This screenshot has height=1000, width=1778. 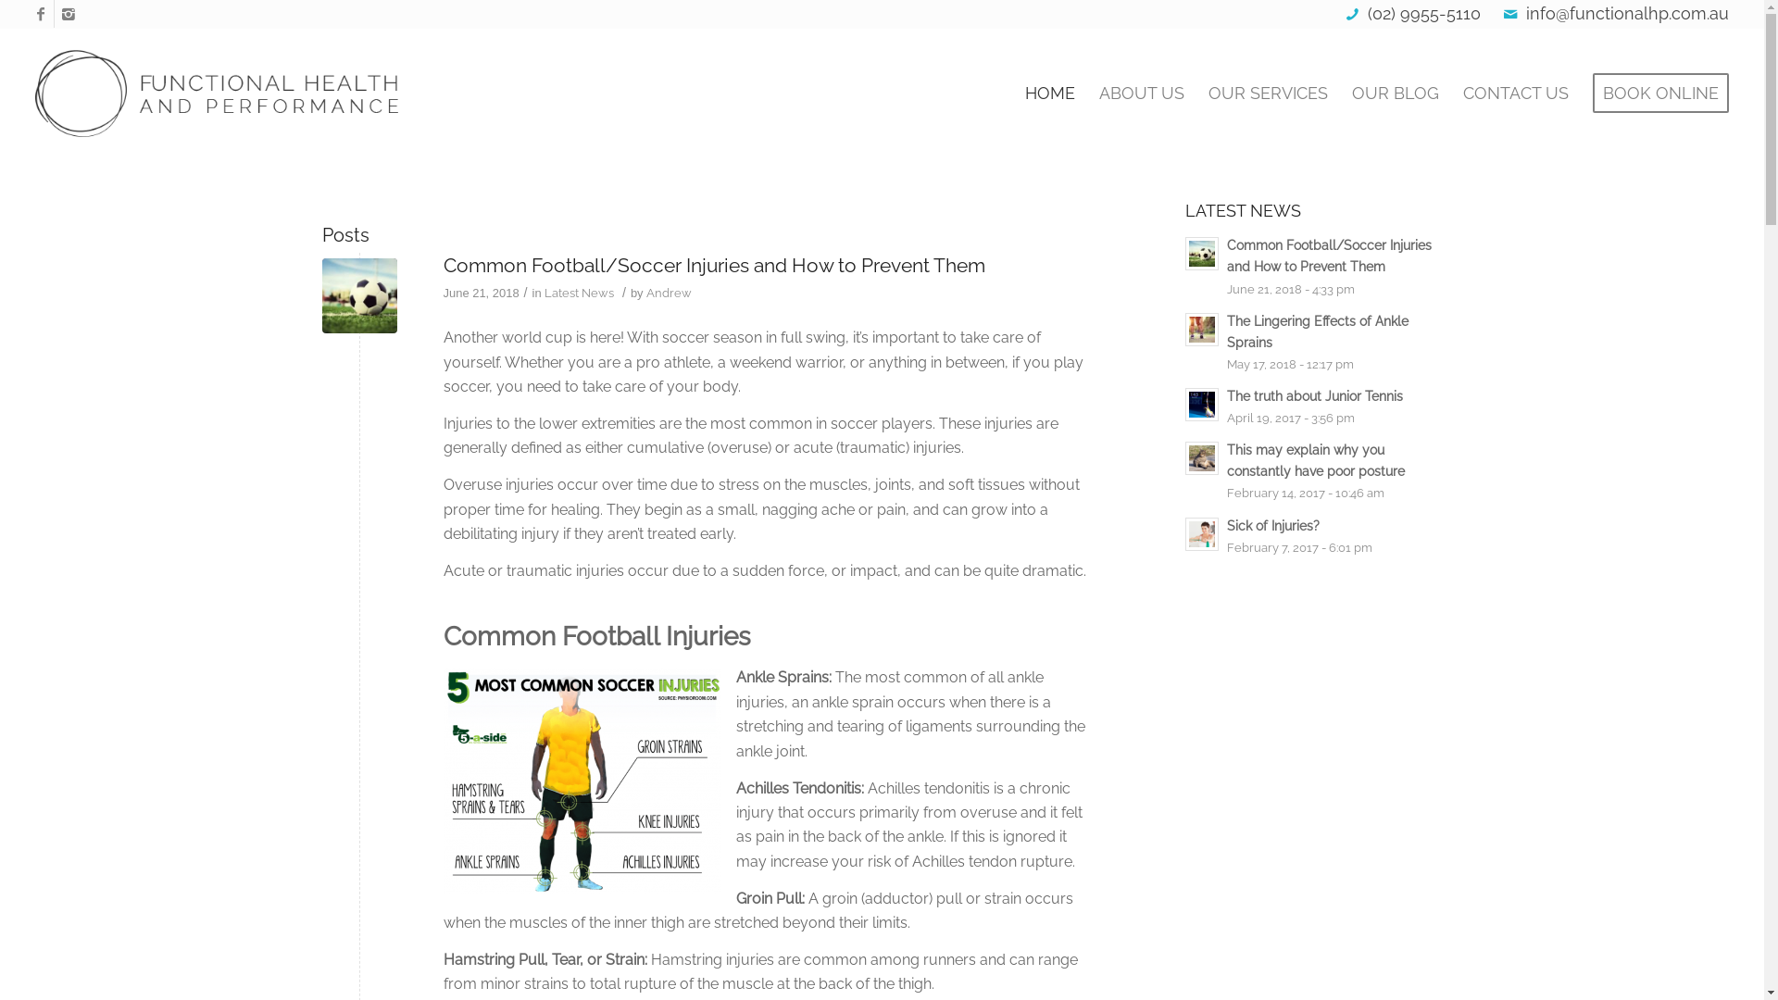 What do you see at coordinates (1313, 406) in the screenshot?
I see `'The truth about Junior Tennis` at bounding box center [1313, 406].